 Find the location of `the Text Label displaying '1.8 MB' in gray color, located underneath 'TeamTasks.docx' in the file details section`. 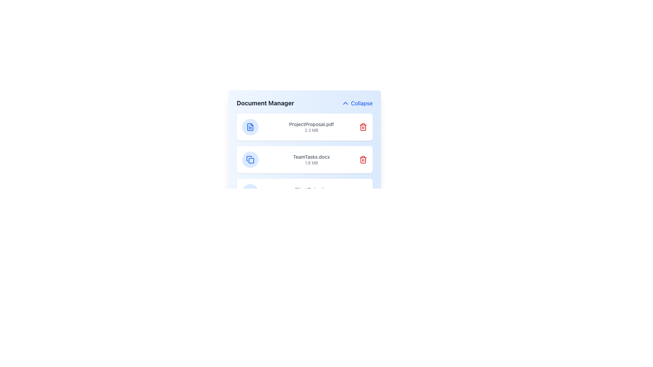

the Text Label displaying '1.8 MB' in gray color, located underneath 'TeamTasks.docx' in the file details section is located at coordinates (311, 163).